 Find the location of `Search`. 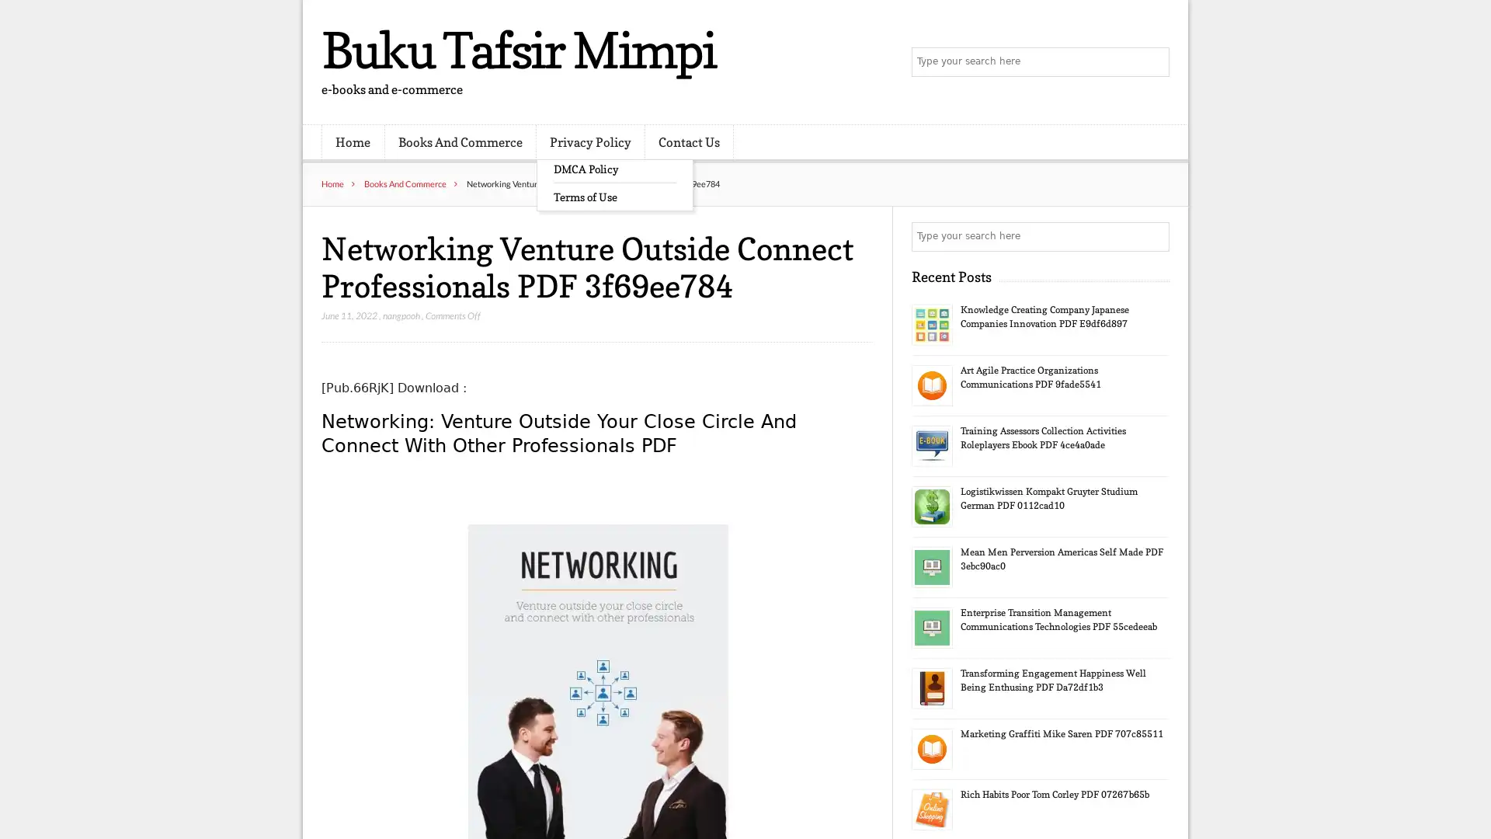

Search is located at coordinates (1153, 236).